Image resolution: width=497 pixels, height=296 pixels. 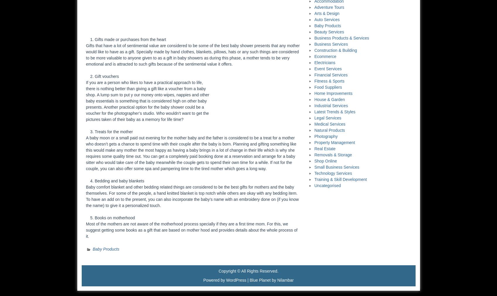 I want to click on 'Photography', so click(x=326, y=136).